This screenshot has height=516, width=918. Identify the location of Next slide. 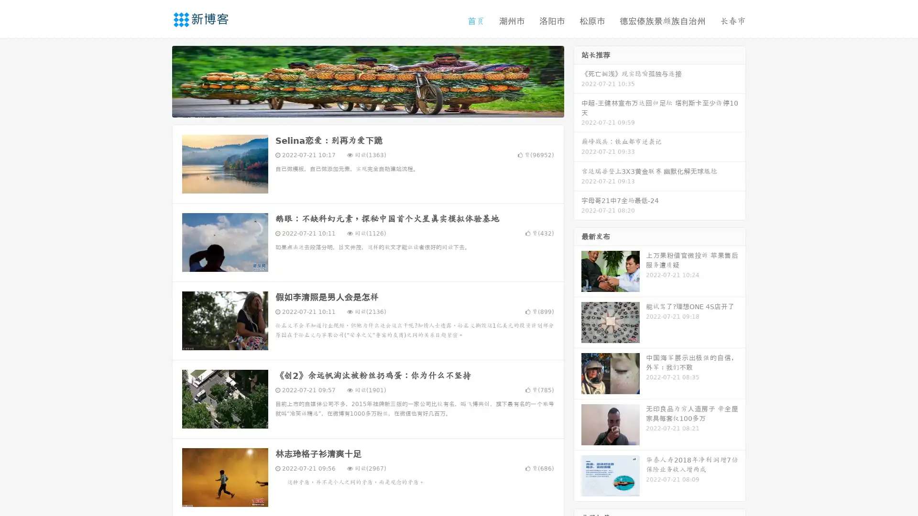
(578, 80).